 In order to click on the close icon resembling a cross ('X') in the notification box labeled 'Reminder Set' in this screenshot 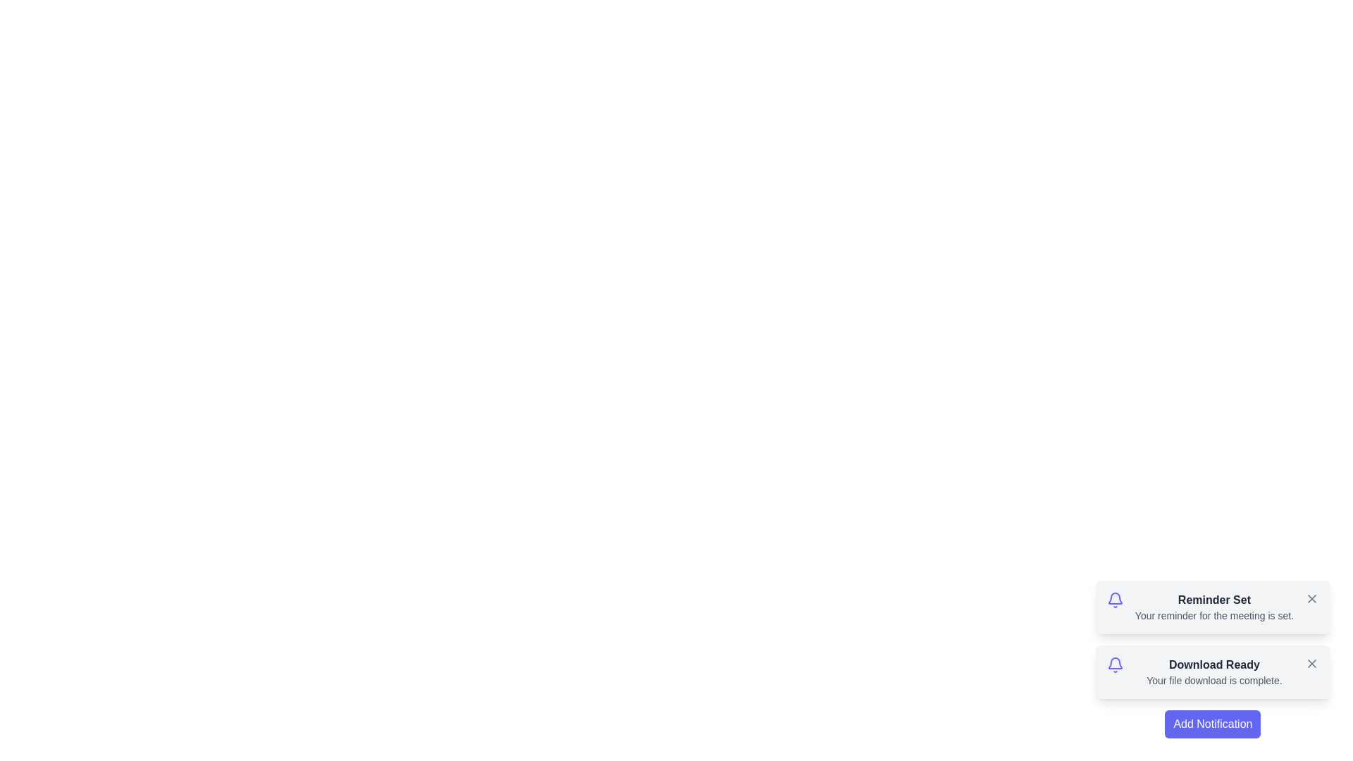, I will do `click(1311, 598)`.